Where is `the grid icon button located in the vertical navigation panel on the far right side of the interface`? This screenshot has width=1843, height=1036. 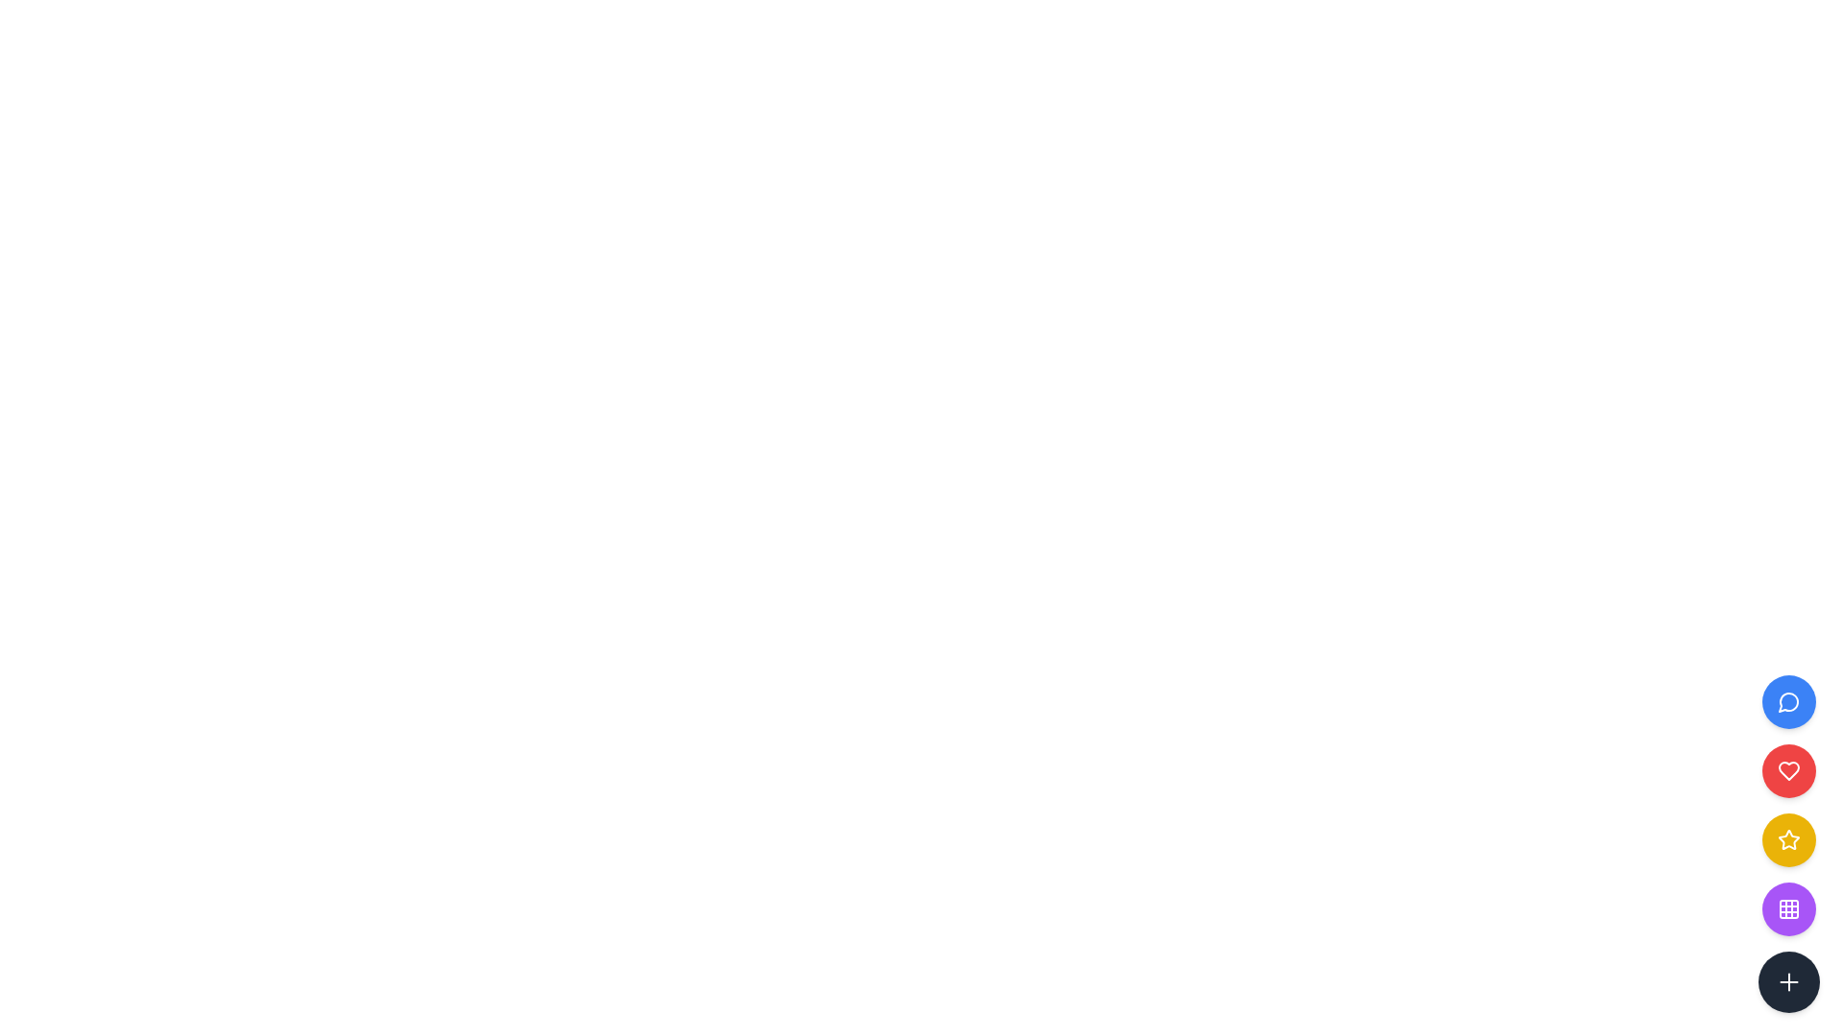
the grid icon button located in the vertical navigation panel on the far right side of the interface is located at coordinates (1787, 908).